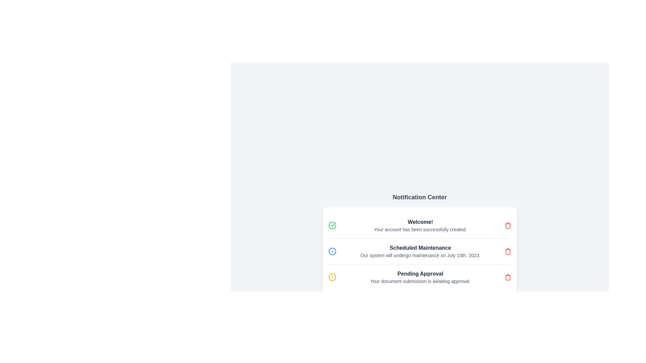 Image resolution: width=646 pixels, height=363 pixels. What do you see at coordinates (508, 251) in the screenshot?
I see `the delete icon button located to the far right of the 'Scheduled Maintenance' notification` at bounding box center [508, 251].